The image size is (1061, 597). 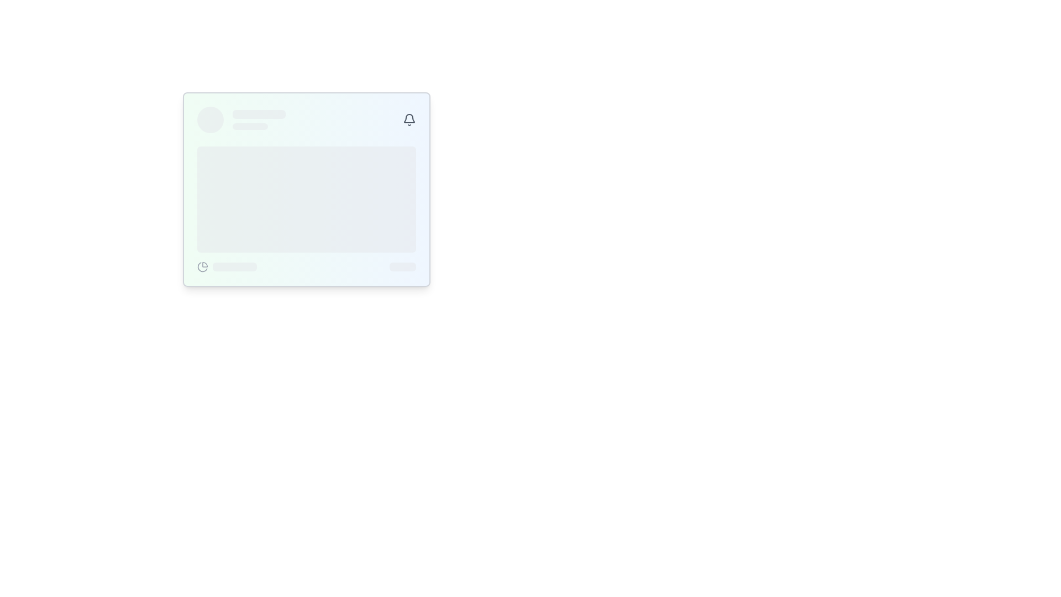 What do you see at coordinates (210, 119) in the screenshot?
I see `the Avatar placeholder, which is a circular, gray-shaded component with a subtle border located at the upper-left section of the interface` at bounding box center [210, 119].